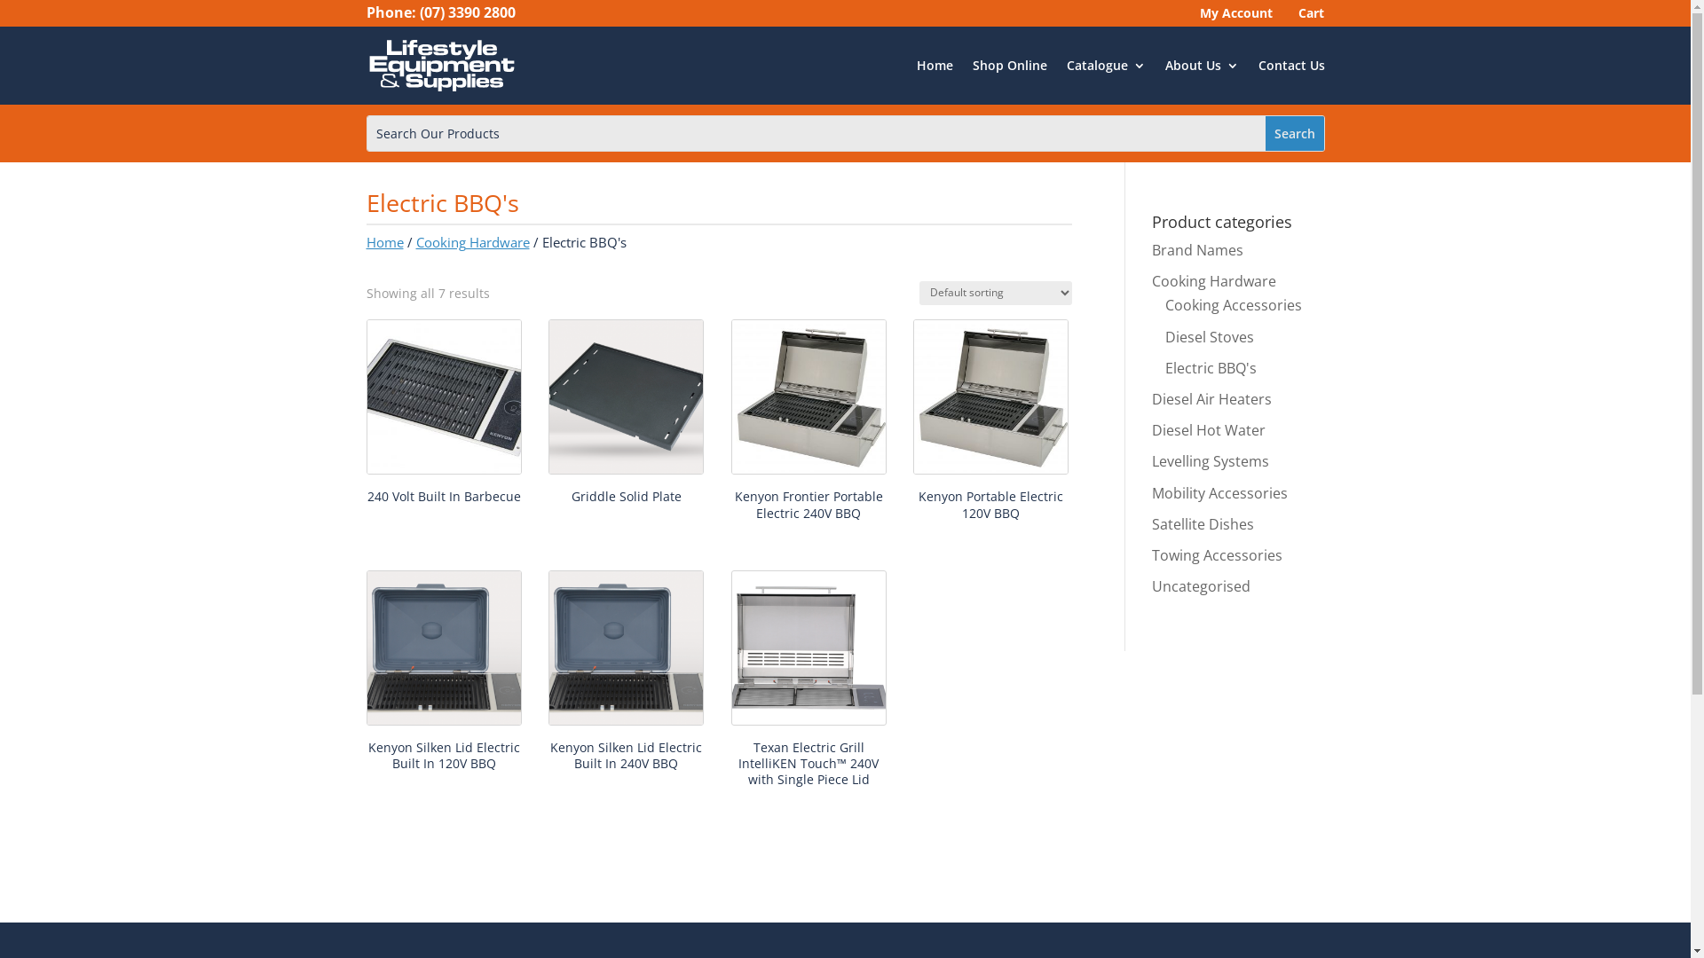 This screenshot has width=1704, height=958. What do you see at coordinates (1210, 367) in the screenshot?
I see `'Electric BBQ's'` at bounding box center [1210, 367].